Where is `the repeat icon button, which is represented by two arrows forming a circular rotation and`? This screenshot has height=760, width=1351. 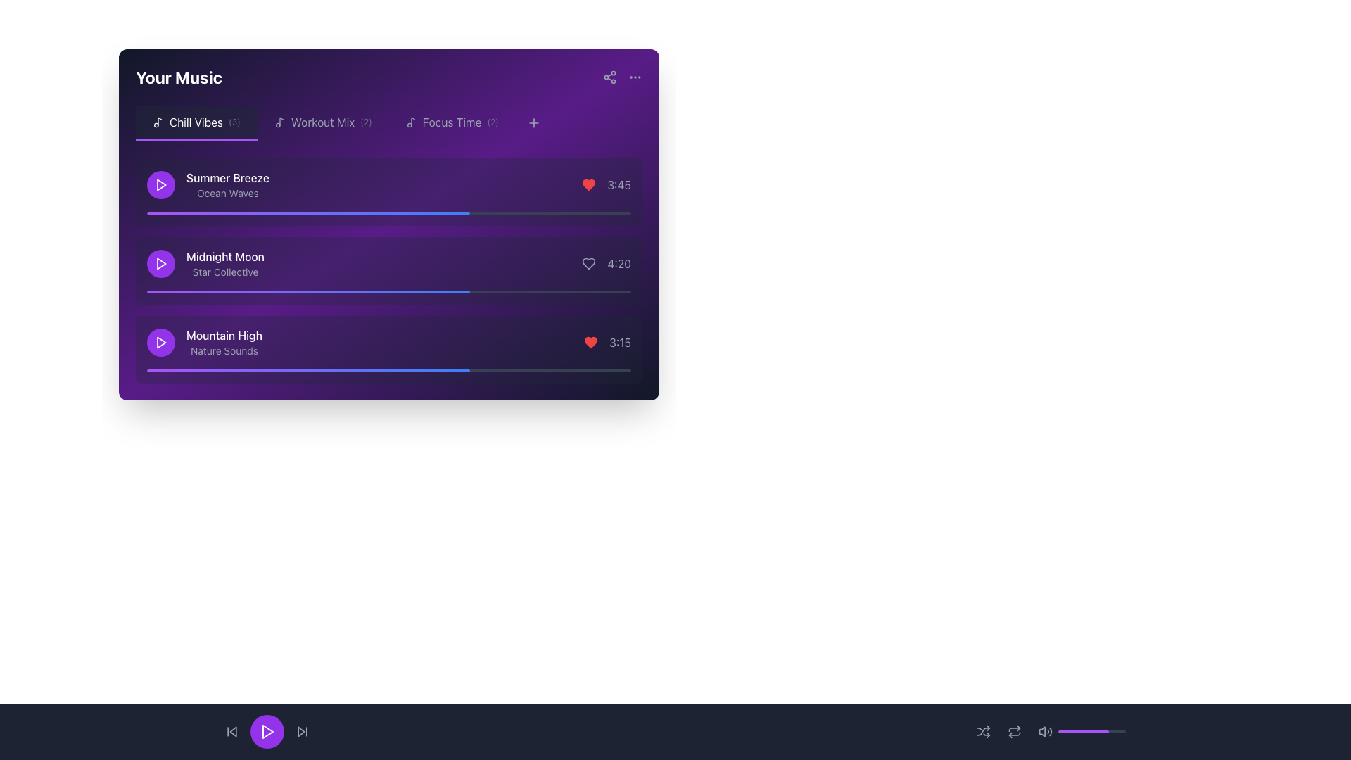
the repeat icon button, which is represented by two arrows forming a circular rotation and is located at coordinates (1014, 731).